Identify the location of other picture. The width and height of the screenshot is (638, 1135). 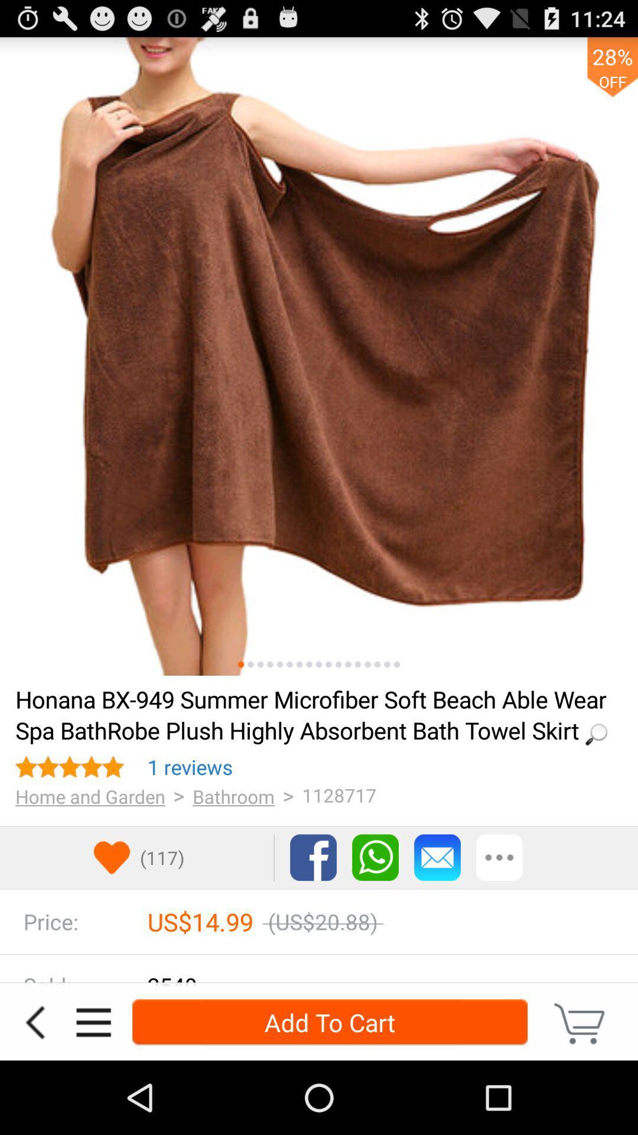
(250, 664).